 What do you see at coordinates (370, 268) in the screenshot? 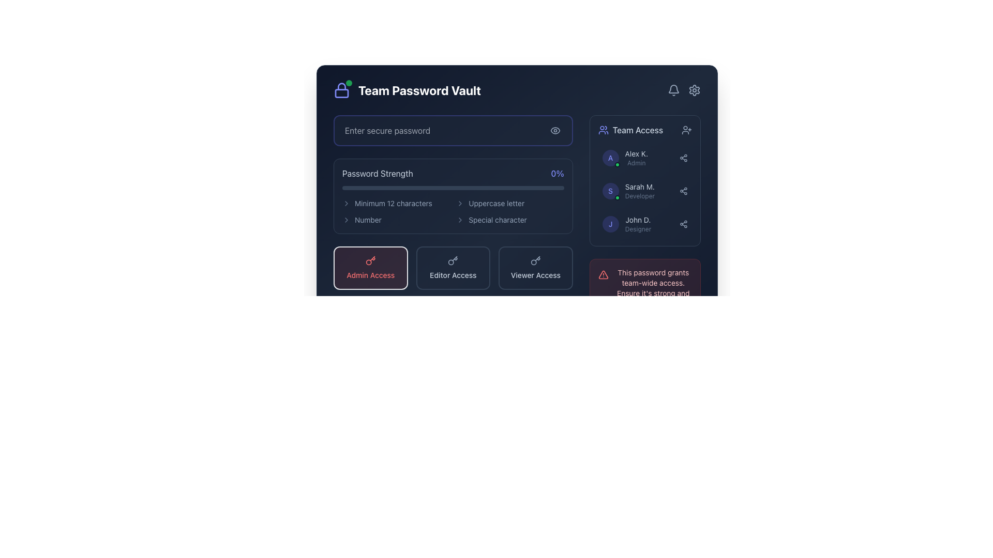
I see `the button that grants administrative access permissions, located in the lower-left part of the interface adjacent to 'Editor Access' and 'Viewer Access'` at bounding box center [370, 268].